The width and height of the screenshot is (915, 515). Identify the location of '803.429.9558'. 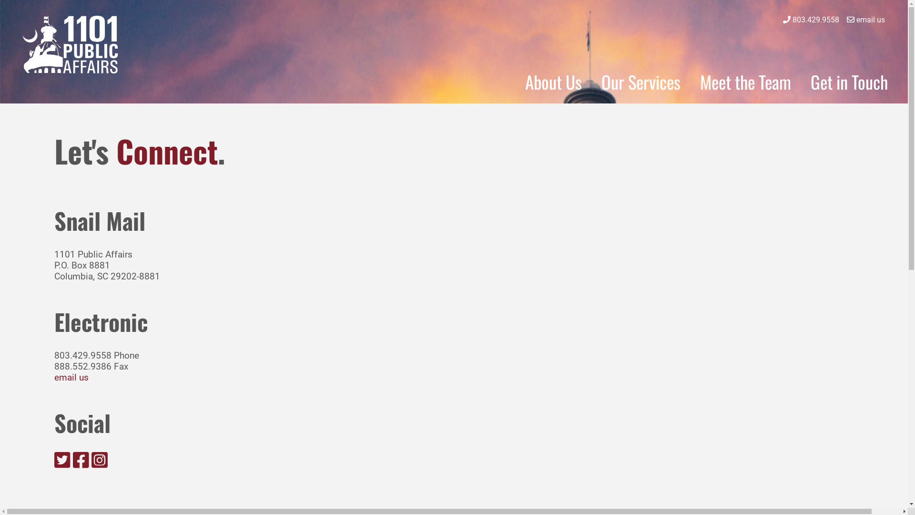
(815, 20).